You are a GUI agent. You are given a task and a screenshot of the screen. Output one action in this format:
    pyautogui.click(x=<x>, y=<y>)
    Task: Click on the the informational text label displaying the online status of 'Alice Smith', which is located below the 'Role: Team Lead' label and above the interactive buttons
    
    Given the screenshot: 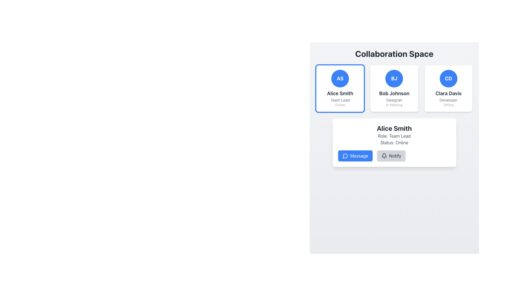 What is the action you would take?
    pyautogui.click(x=394, y=142)
    